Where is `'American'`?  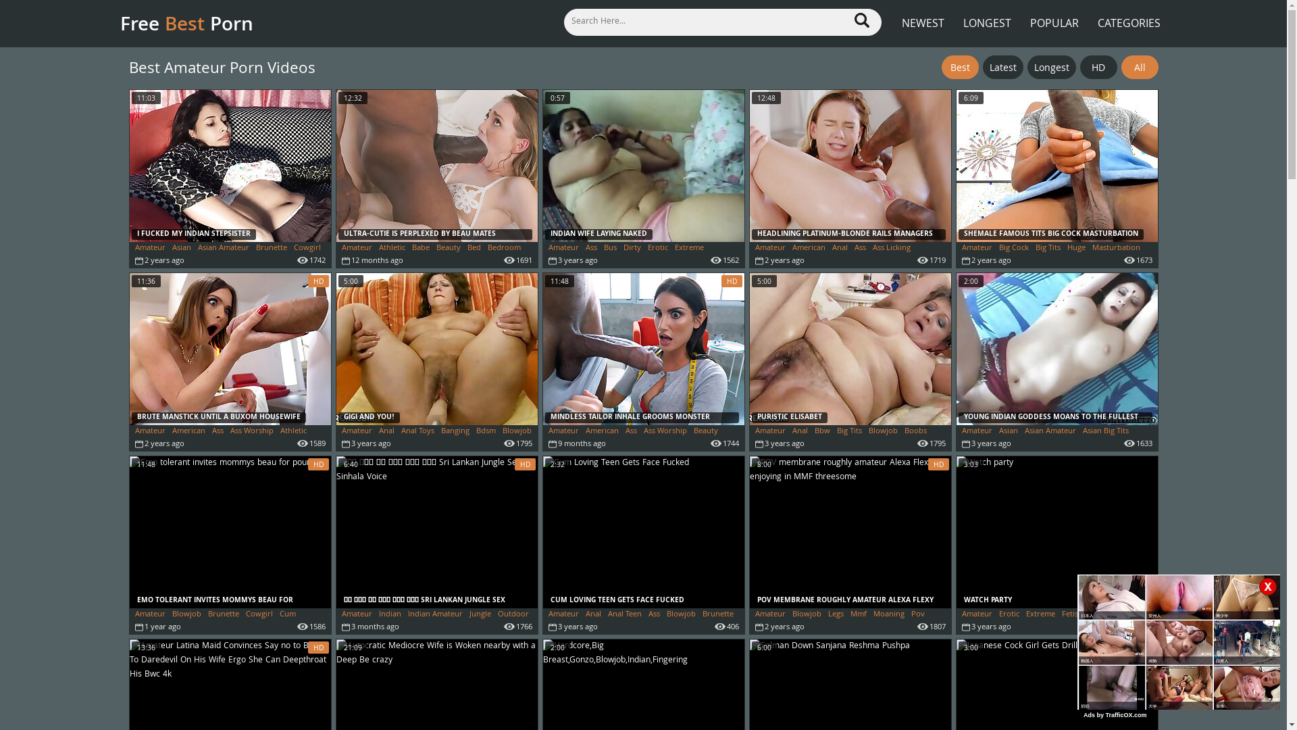
'American' is located at coordinates (187, 431).